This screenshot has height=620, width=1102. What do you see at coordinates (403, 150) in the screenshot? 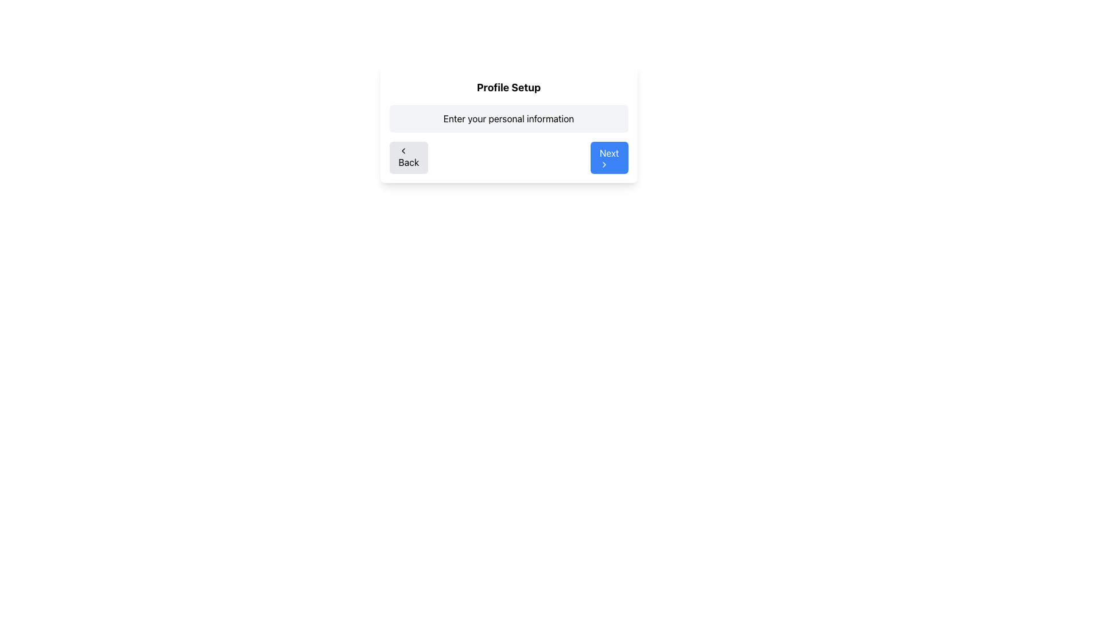
I see `the left-facing chevron icon embedded within the gray 'Back' button` at bounding box center [403, 150].